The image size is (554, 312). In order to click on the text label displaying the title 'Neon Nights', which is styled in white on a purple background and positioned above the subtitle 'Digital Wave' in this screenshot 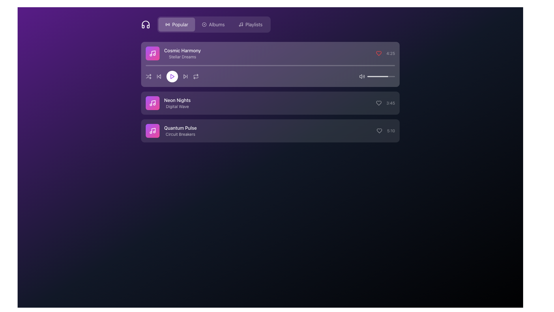, I will do `click(177, 100)`.